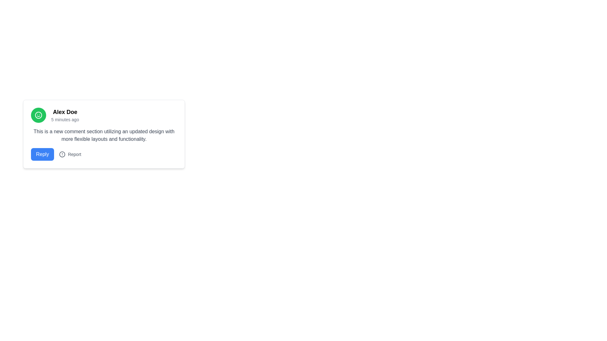 This screenshot has height=341, width=607. I want to click on the circular icon representing the 'Report' action, which is part of a group of notification icons in the comment section, so click(62, 154).